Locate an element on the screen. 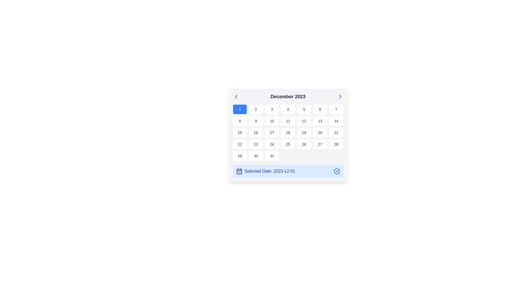  the interactive calendar day tile representing the 21st day of December 2023 is located at coordinates (336, 132).